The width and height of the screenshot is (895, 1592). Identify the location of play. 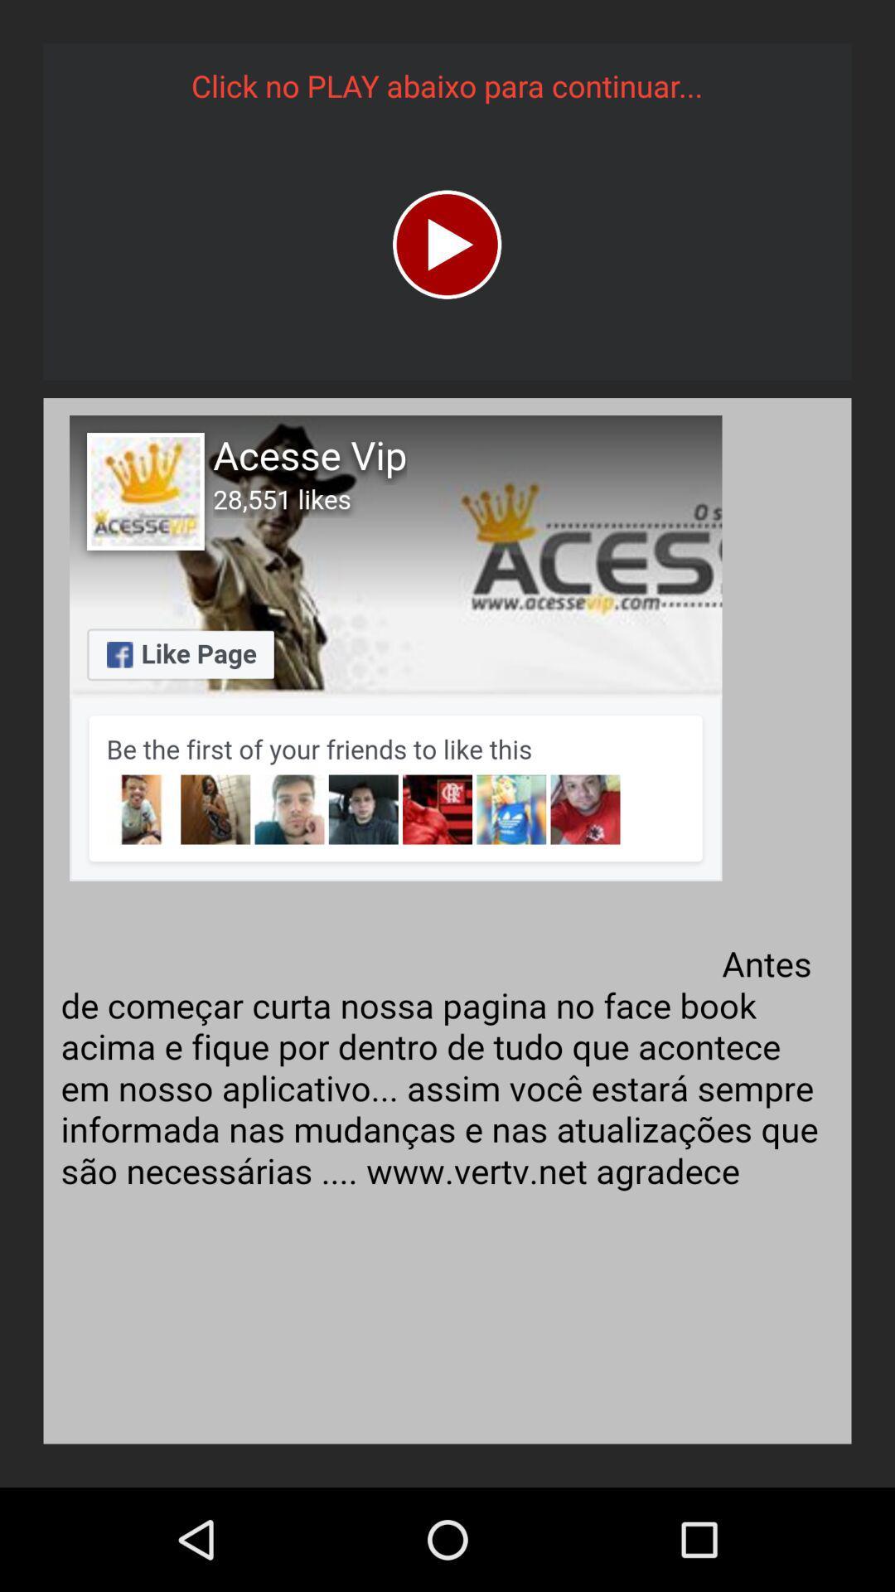
(446, 244).